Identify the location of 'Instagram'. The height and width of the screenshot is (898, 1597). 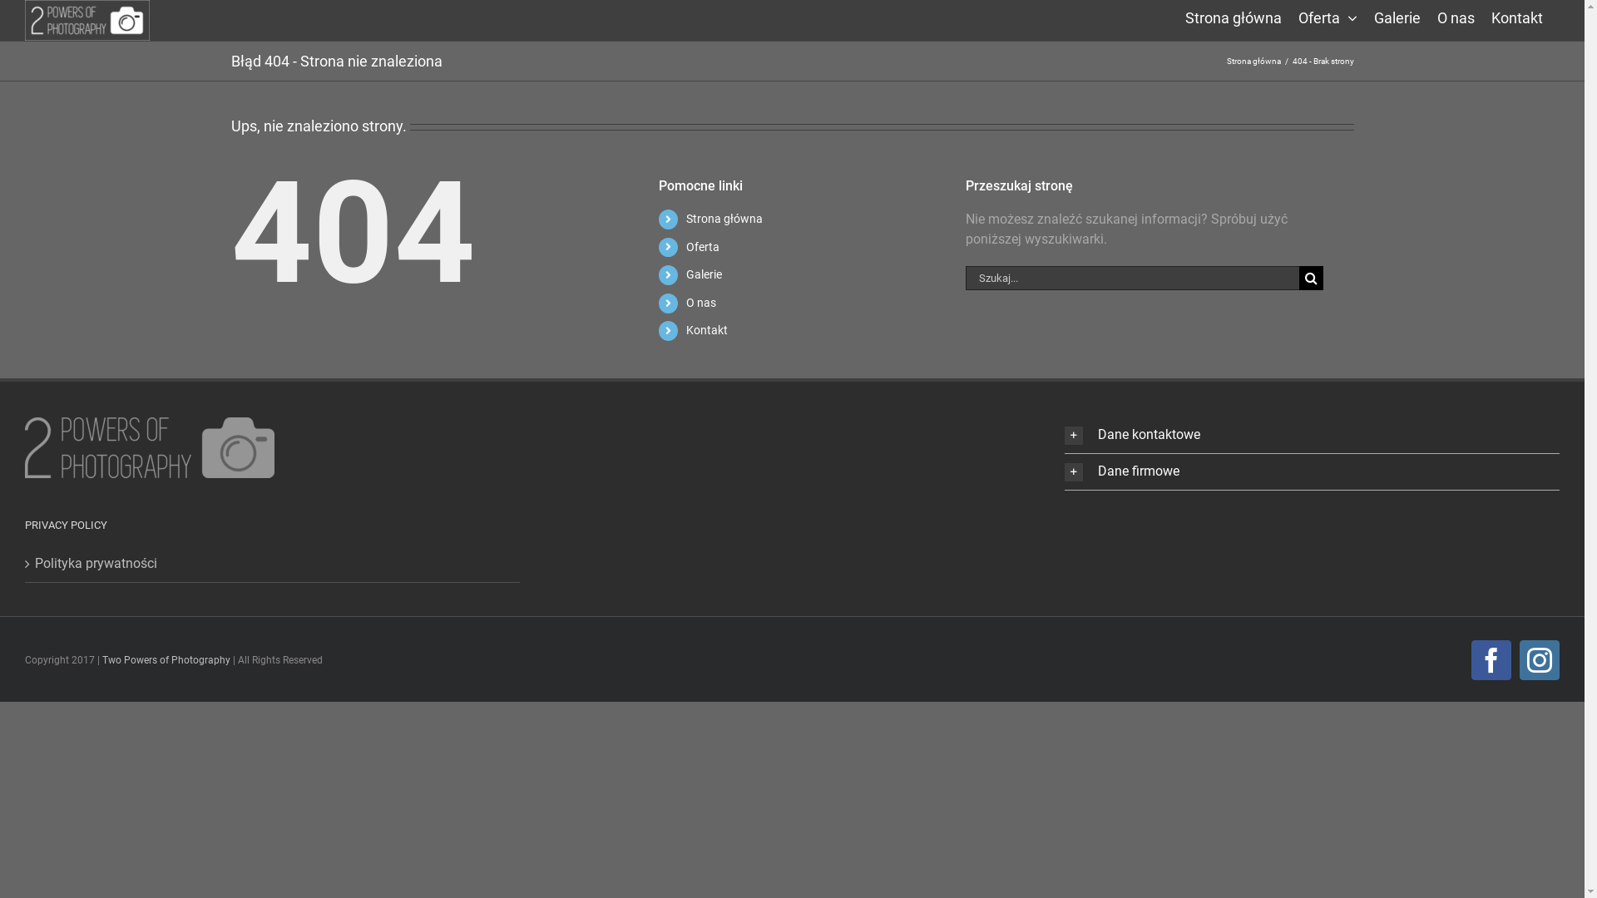
(1539, 659).